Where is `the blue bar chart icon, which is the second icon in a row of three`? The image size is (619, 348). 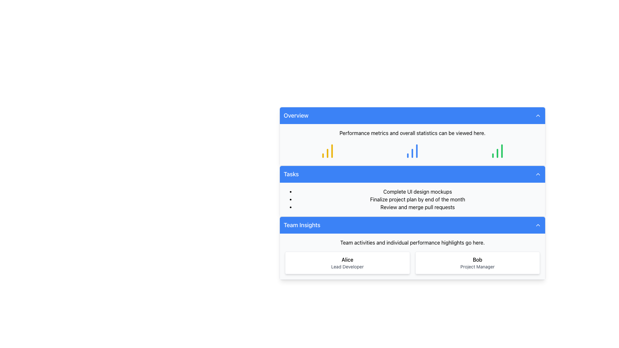
the blue bar chart icon, which is the second icon in a row of three is located at coordinates (412, 151).